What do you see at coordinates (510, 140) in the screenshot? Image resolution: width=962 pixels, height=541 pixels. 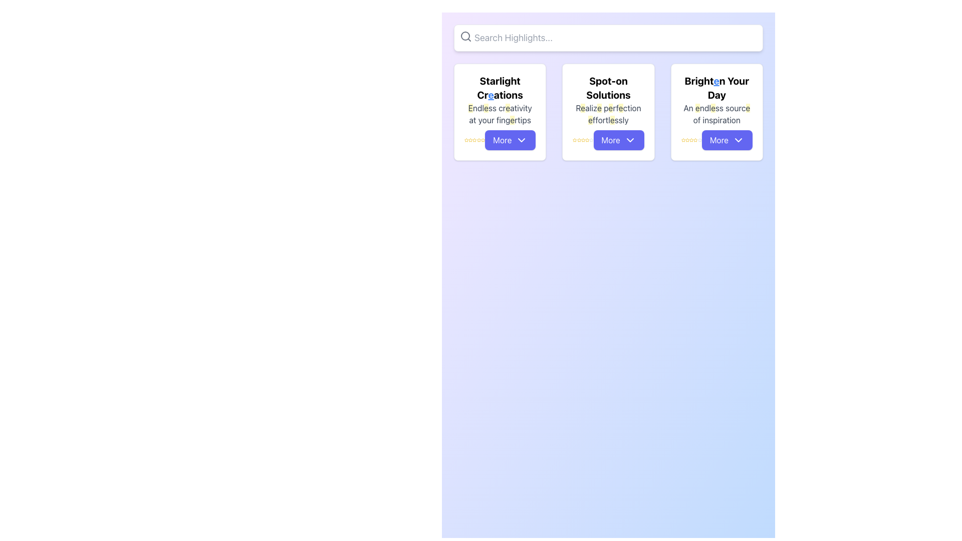 I see `the 'More' button with a purple background and white text at the bottom of the 'Starlight Creations' card to potentially see a tooltip or visual effect` at bounding box center [510, 140].